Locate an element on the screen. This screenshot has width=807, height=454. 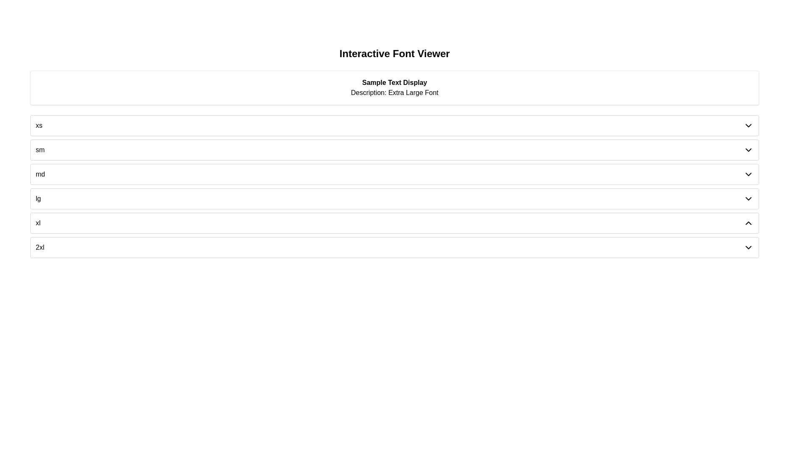
the text label displaying 'lg' located in the fourth row of the selection interface on the left side is located at coordinates (38, 199).